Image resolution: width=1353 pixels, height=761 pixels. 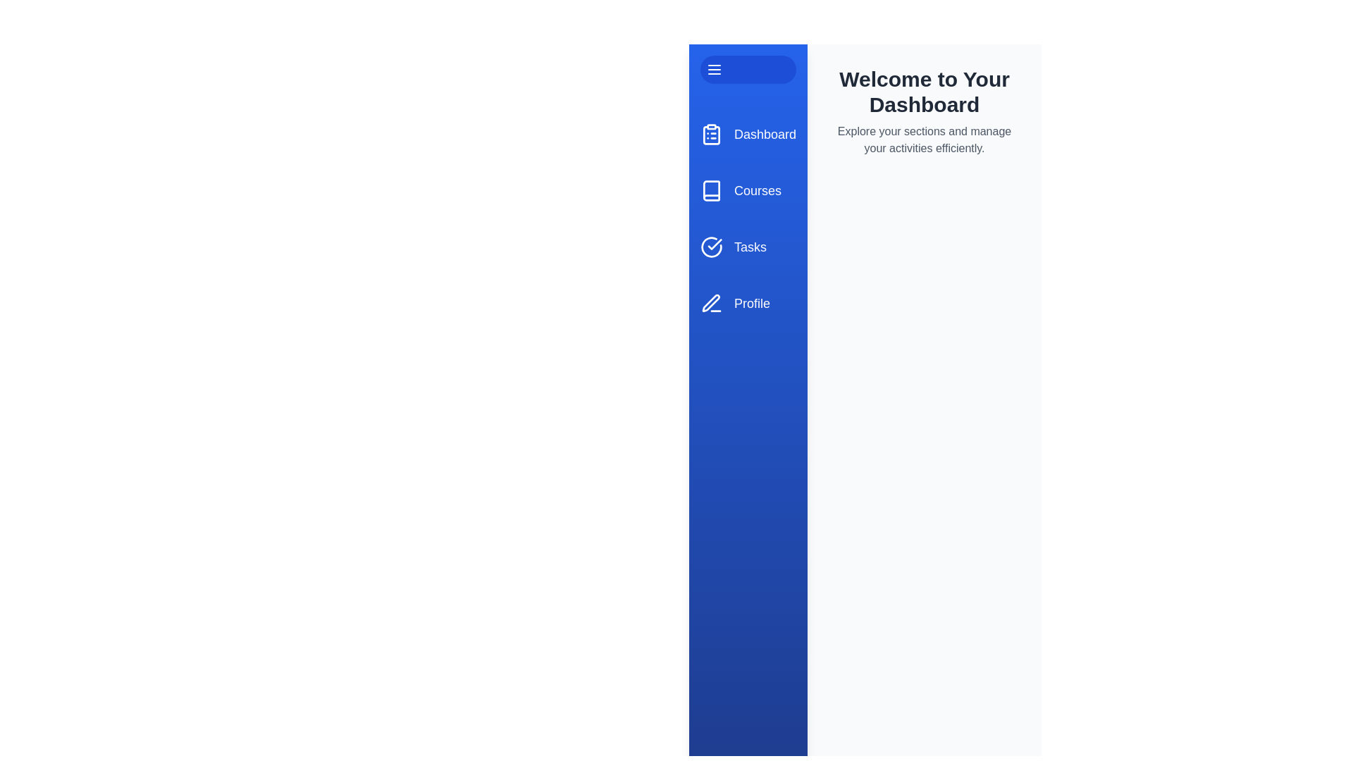 I want to click on the menu item Courses, so click(x=747, y=190).